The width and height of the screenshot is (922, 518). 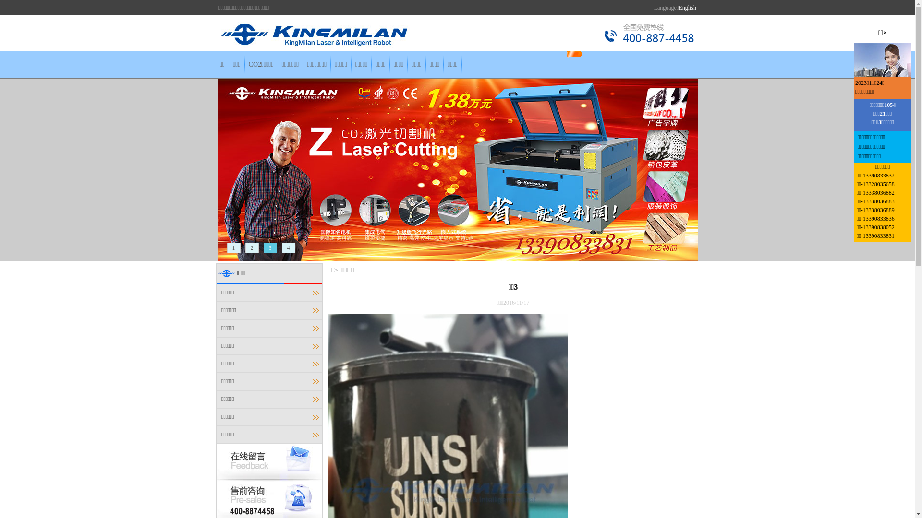 I want to click on 'English', so click(x=687, y=7).